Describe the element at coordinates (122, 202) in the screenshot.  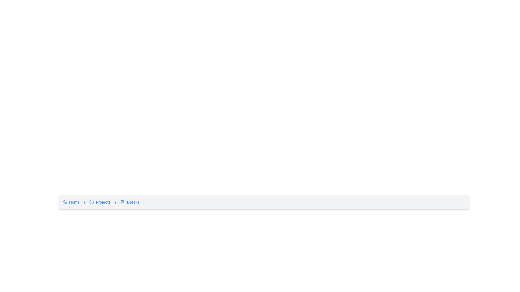
I see `the document icon in the breadcrumb navigation bar, which visually represents a file and is positioned between the 'Projects' and 'Details' sections` at that location.